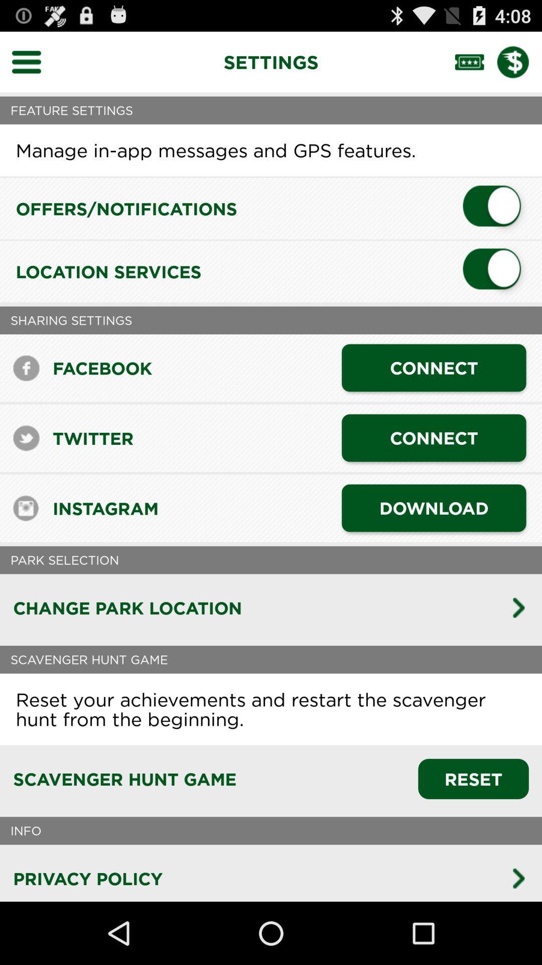 The image size is (542, 965). I want to click on the download item, so click(433, 508).